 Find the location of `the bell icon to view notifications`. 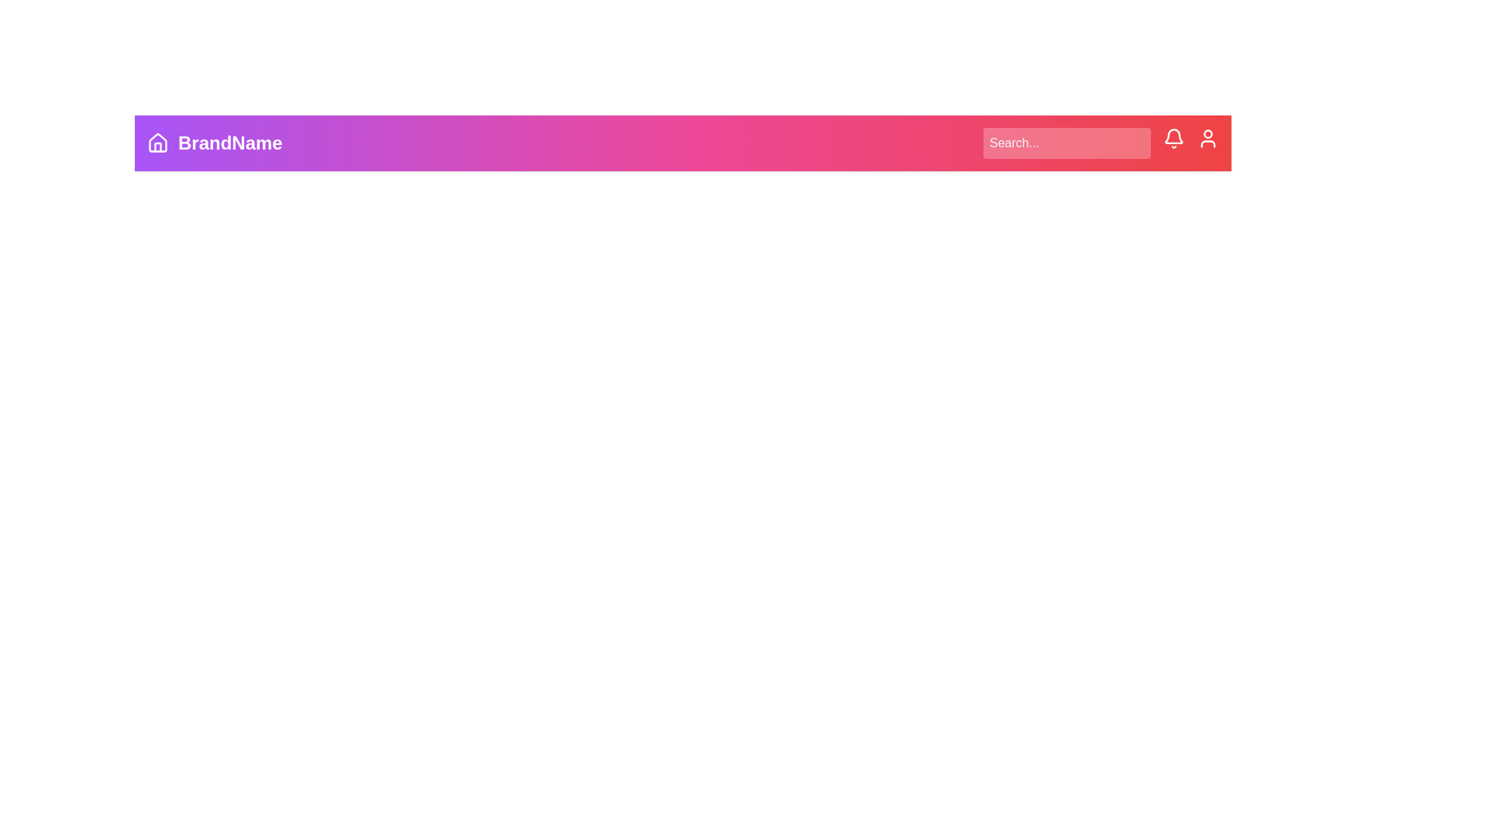

the bell icon to view notifications is located at coordinates (1174, 137).